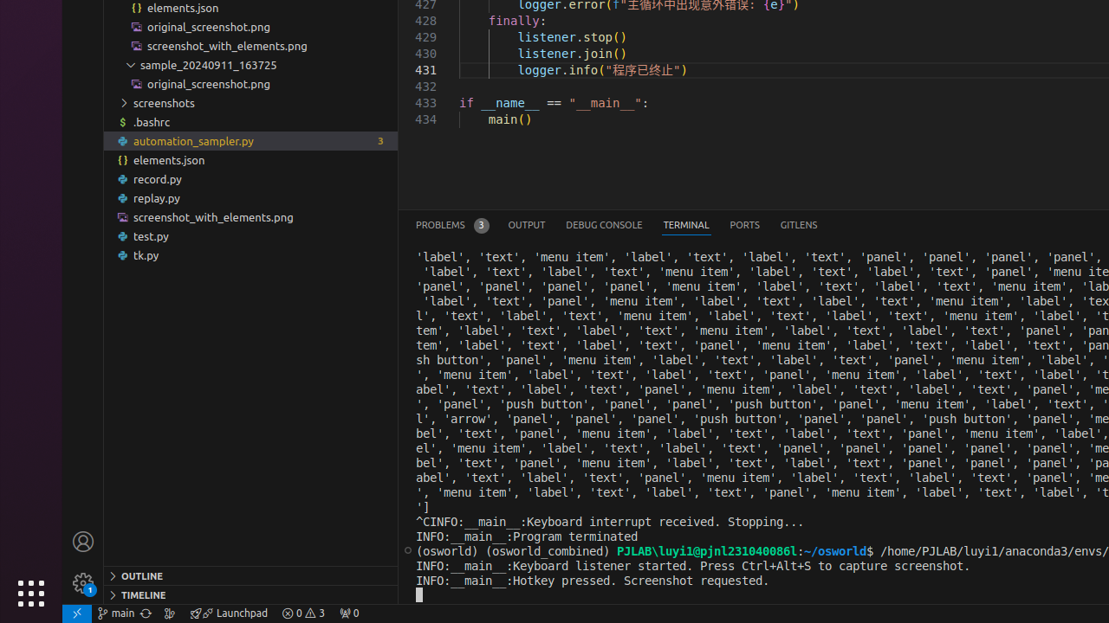  I want to click on 'screenshots', so click(250, 103).